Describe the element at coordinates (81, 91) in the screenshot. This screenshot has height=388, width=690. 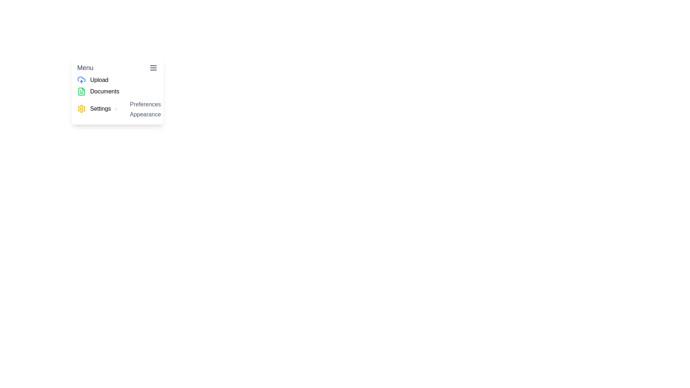
I see `the 'Documents' menu icon located to the left of the 'Documents' text label` at that location.